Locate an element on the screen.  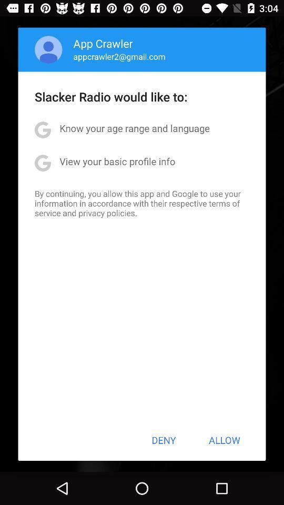
icon above view your basic app is located at coordinates (135, 127).